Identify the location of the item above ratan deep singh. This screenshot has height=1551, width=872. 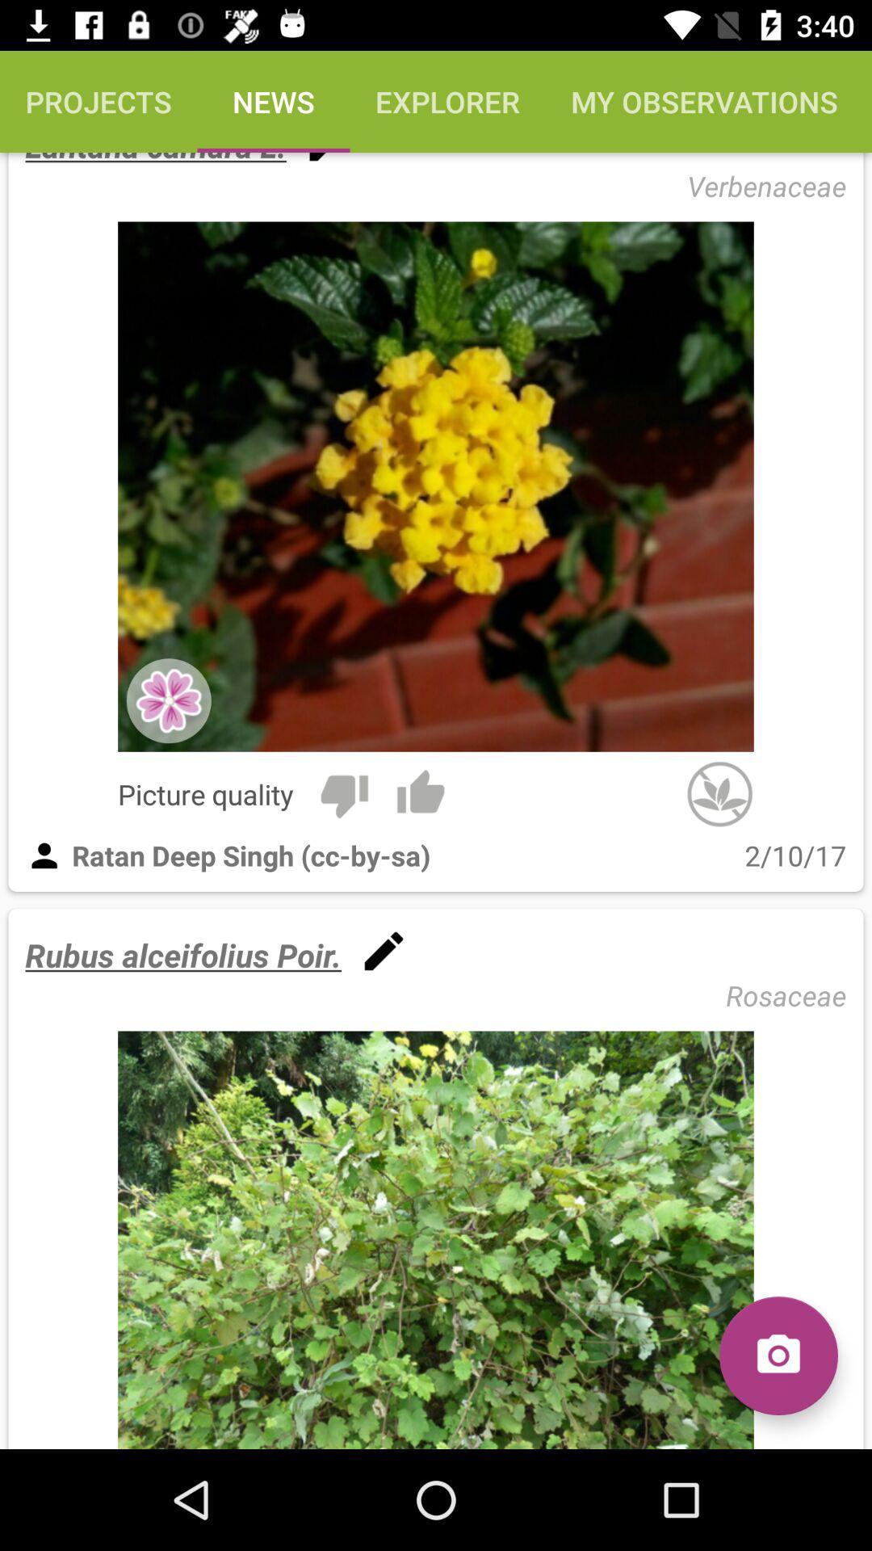
(420, 794).